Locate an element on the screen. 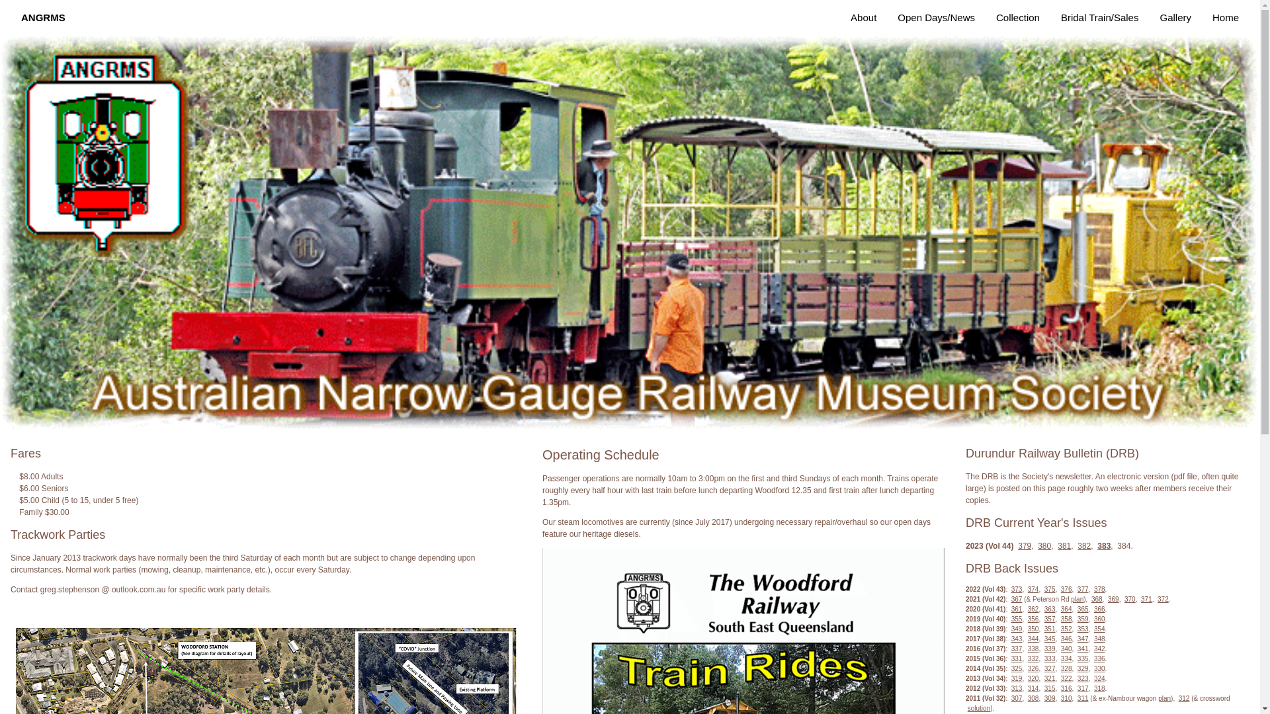  '353' is located at coordinates (1077, 628).